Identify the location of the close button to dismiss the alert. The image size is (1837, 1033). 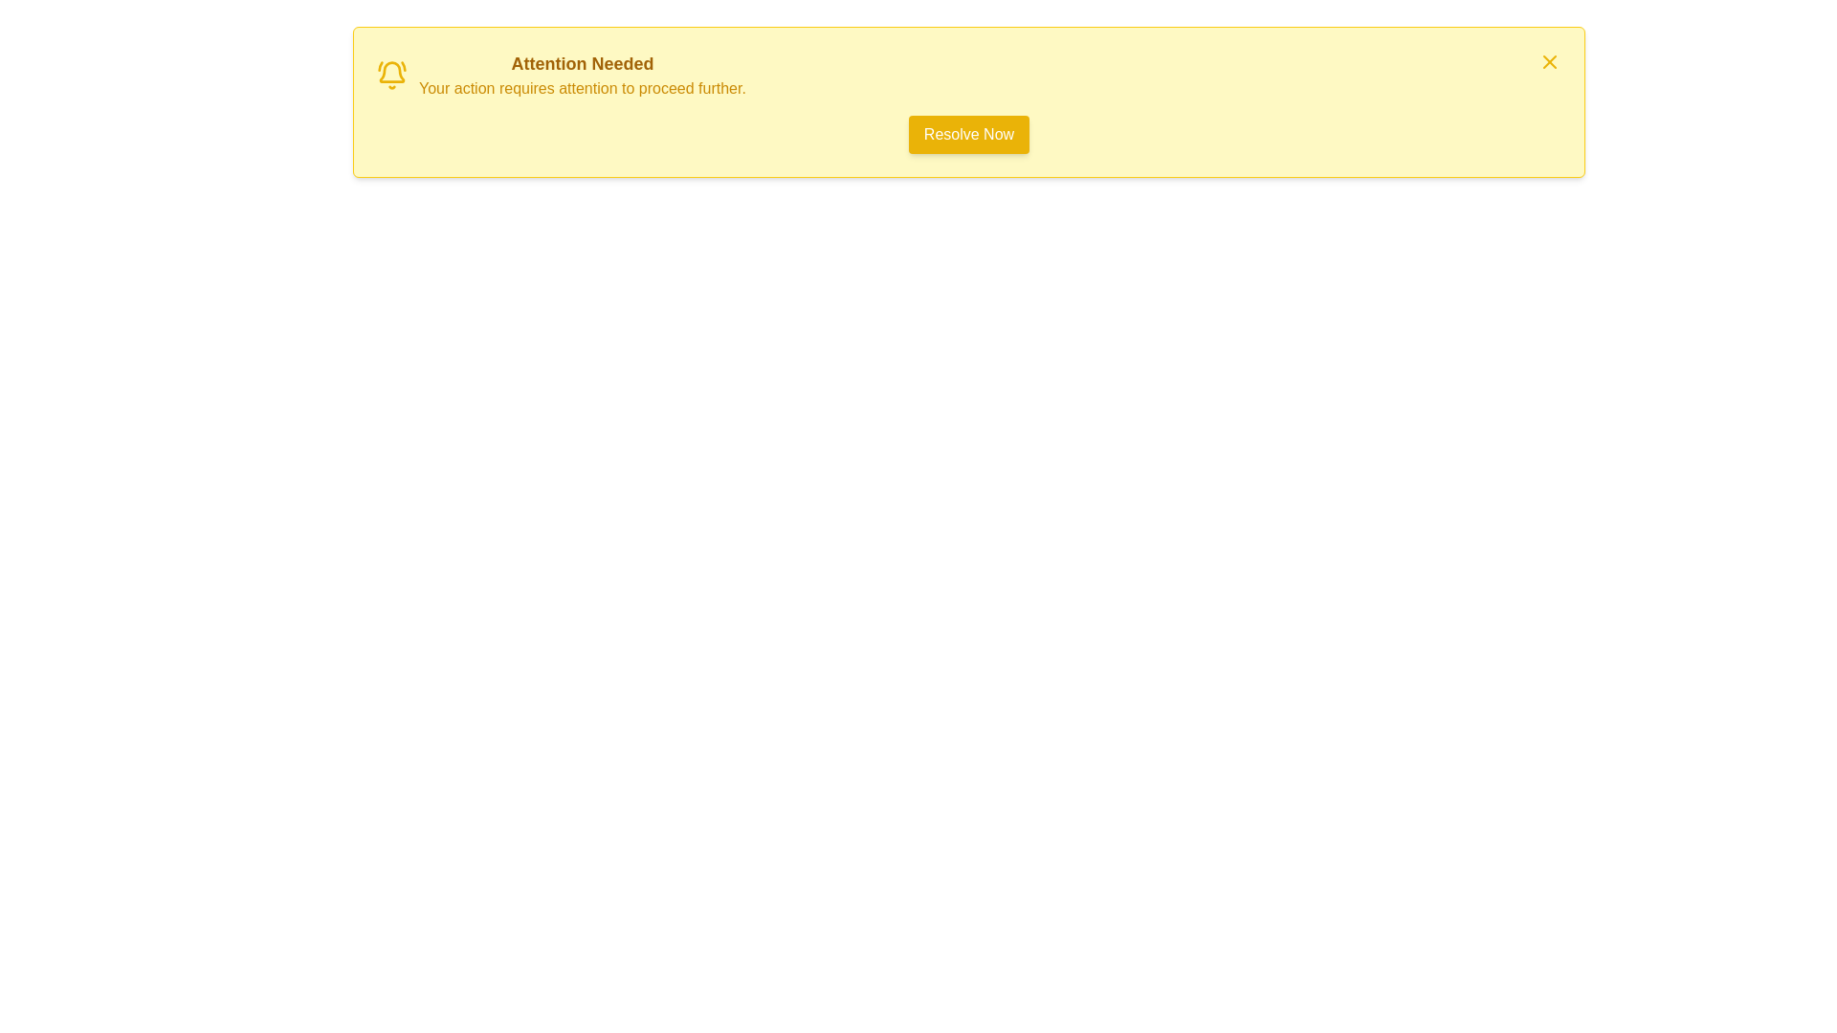
(1550, 61).